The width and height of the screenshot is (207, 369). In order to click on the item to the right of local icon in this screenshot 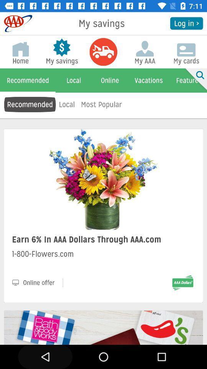, I will do `click(101, 104)`.